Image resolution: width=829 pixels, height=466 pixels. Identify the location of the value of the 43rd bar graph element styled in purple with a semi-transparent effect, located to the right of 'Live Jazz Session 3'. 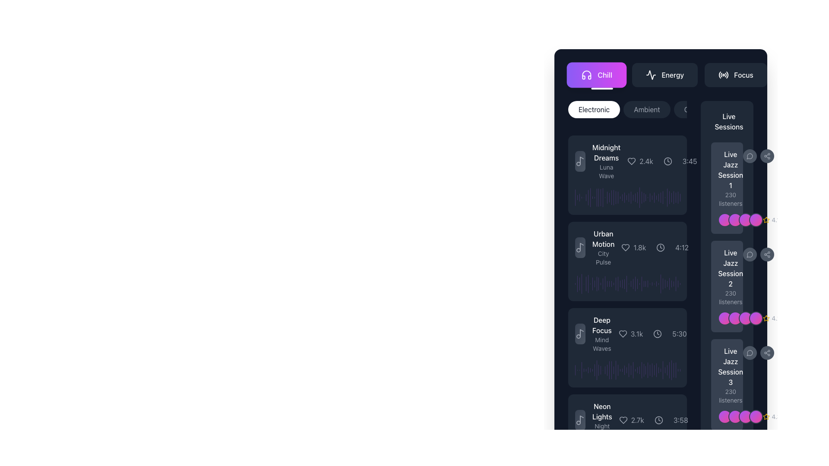
(673, 456).